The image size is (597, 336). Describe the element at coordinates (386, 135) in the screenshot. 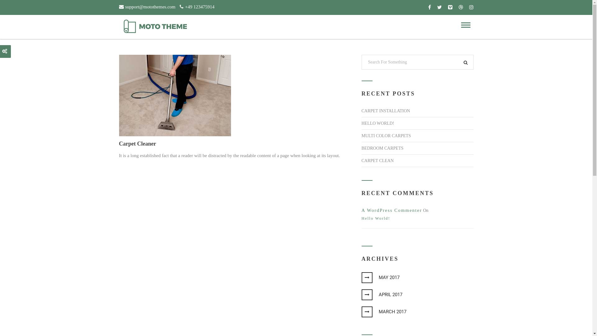

I see `'MULTI COLOR CARPETS'` at that location.